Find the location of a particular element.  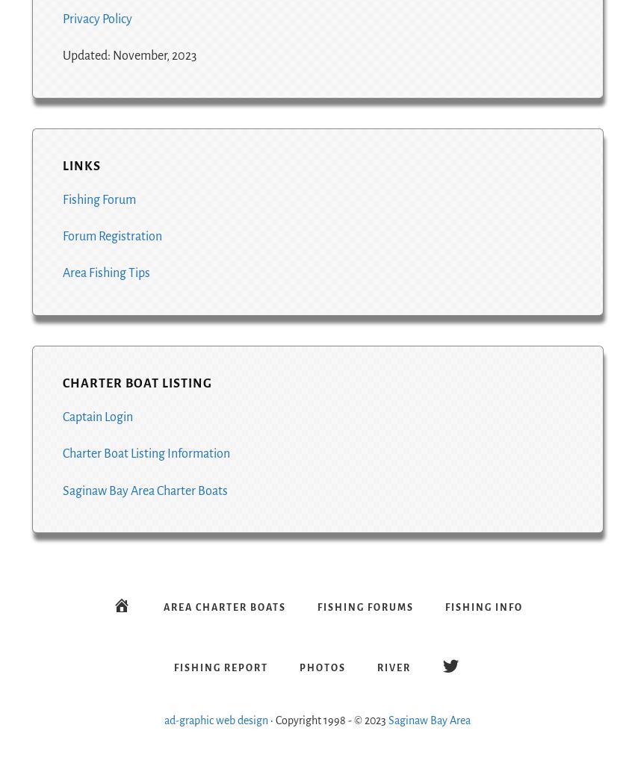

'Saginaw Bay Area Charter Boats' is located at coordinates (143, 490).